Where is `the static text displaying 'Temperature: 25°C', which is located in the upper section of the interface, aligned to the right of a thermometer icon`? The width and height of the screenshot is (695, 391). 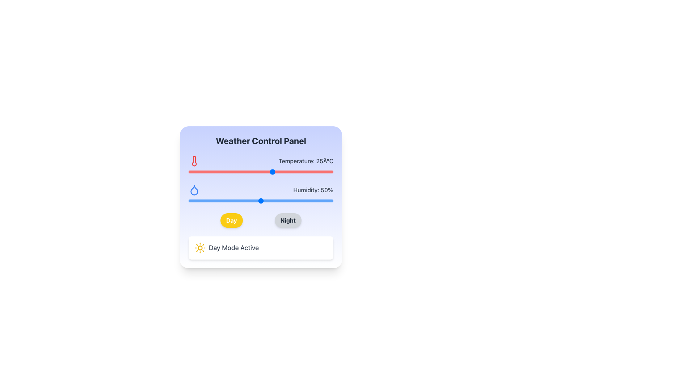
the static text displaying 'Temperature: 25°C', which is located in the upper section of the interface, aligned to the right of a thermometer icon is located at coordinates (306, 160).